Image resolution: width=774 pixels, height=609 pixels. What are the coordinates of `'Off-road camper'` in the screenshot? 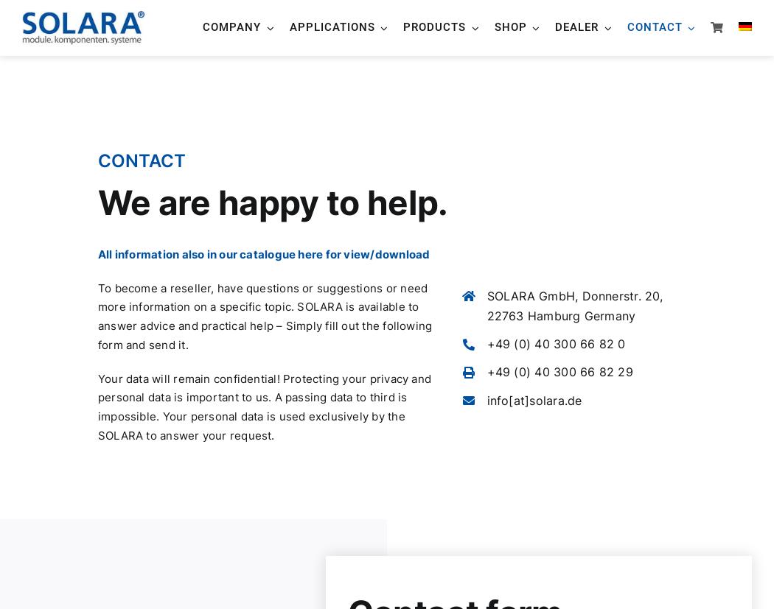 It's located at (526, 211).